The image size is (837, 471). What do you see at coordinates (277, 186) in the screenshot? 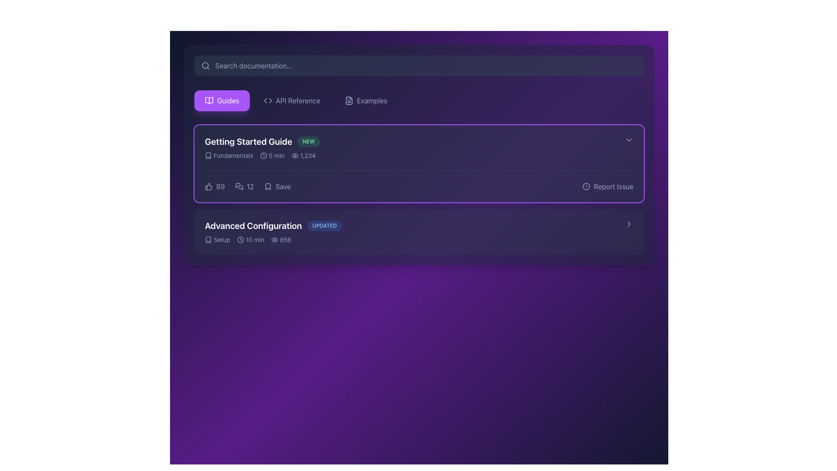
I see `the save button, which is the third interactive element in the list of options on the top item card, positioned after '89' and '12'` at bounding box center [277, 186].